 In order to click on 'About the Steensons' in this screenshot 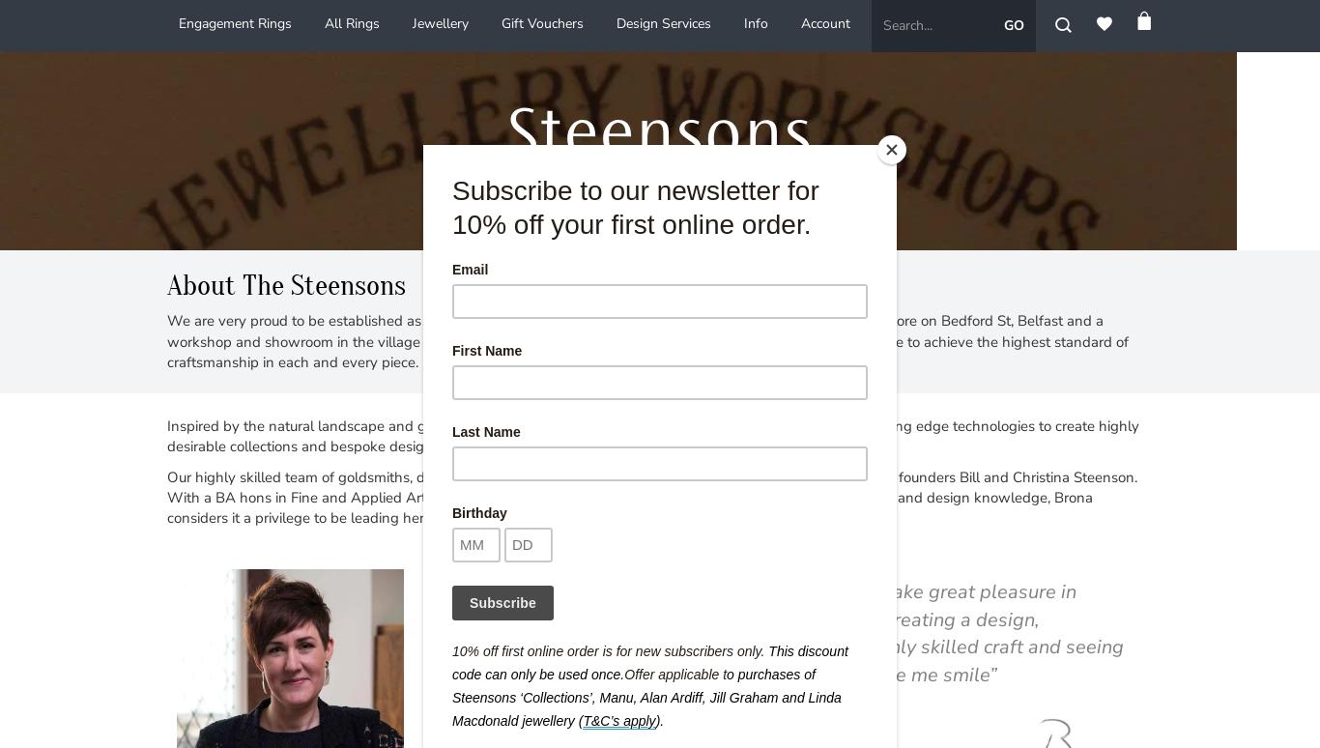, I will do `click(286, 284)`.